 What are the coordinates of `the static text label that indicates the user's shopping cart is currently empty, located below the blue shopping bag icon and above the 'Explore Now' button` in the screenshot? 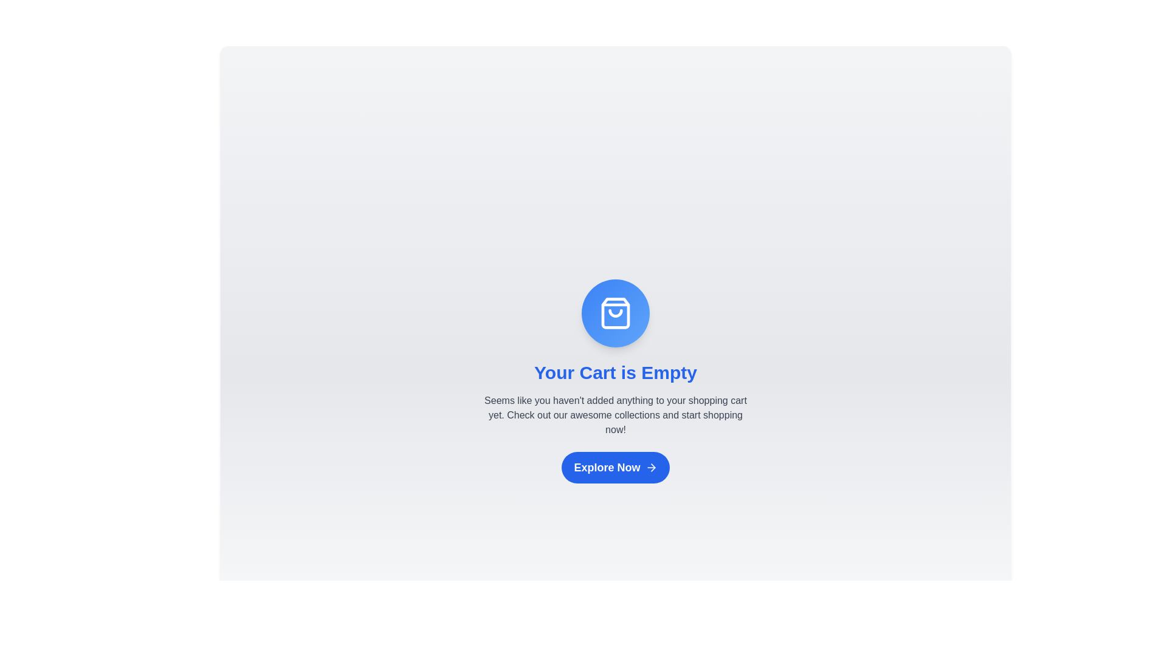 It's located at (615, 372).